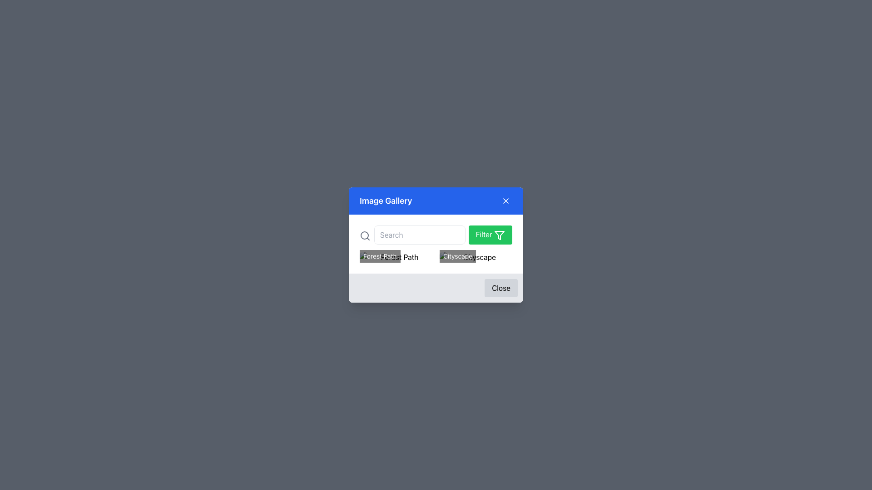  What do you see at coordinates (490, 234) in the screenshot?
I see `the 'Filter' button with a bold green background and white text, located in the 'Image Gallery' dialog box for keyboard interaction` at bounding box center [490, 234].